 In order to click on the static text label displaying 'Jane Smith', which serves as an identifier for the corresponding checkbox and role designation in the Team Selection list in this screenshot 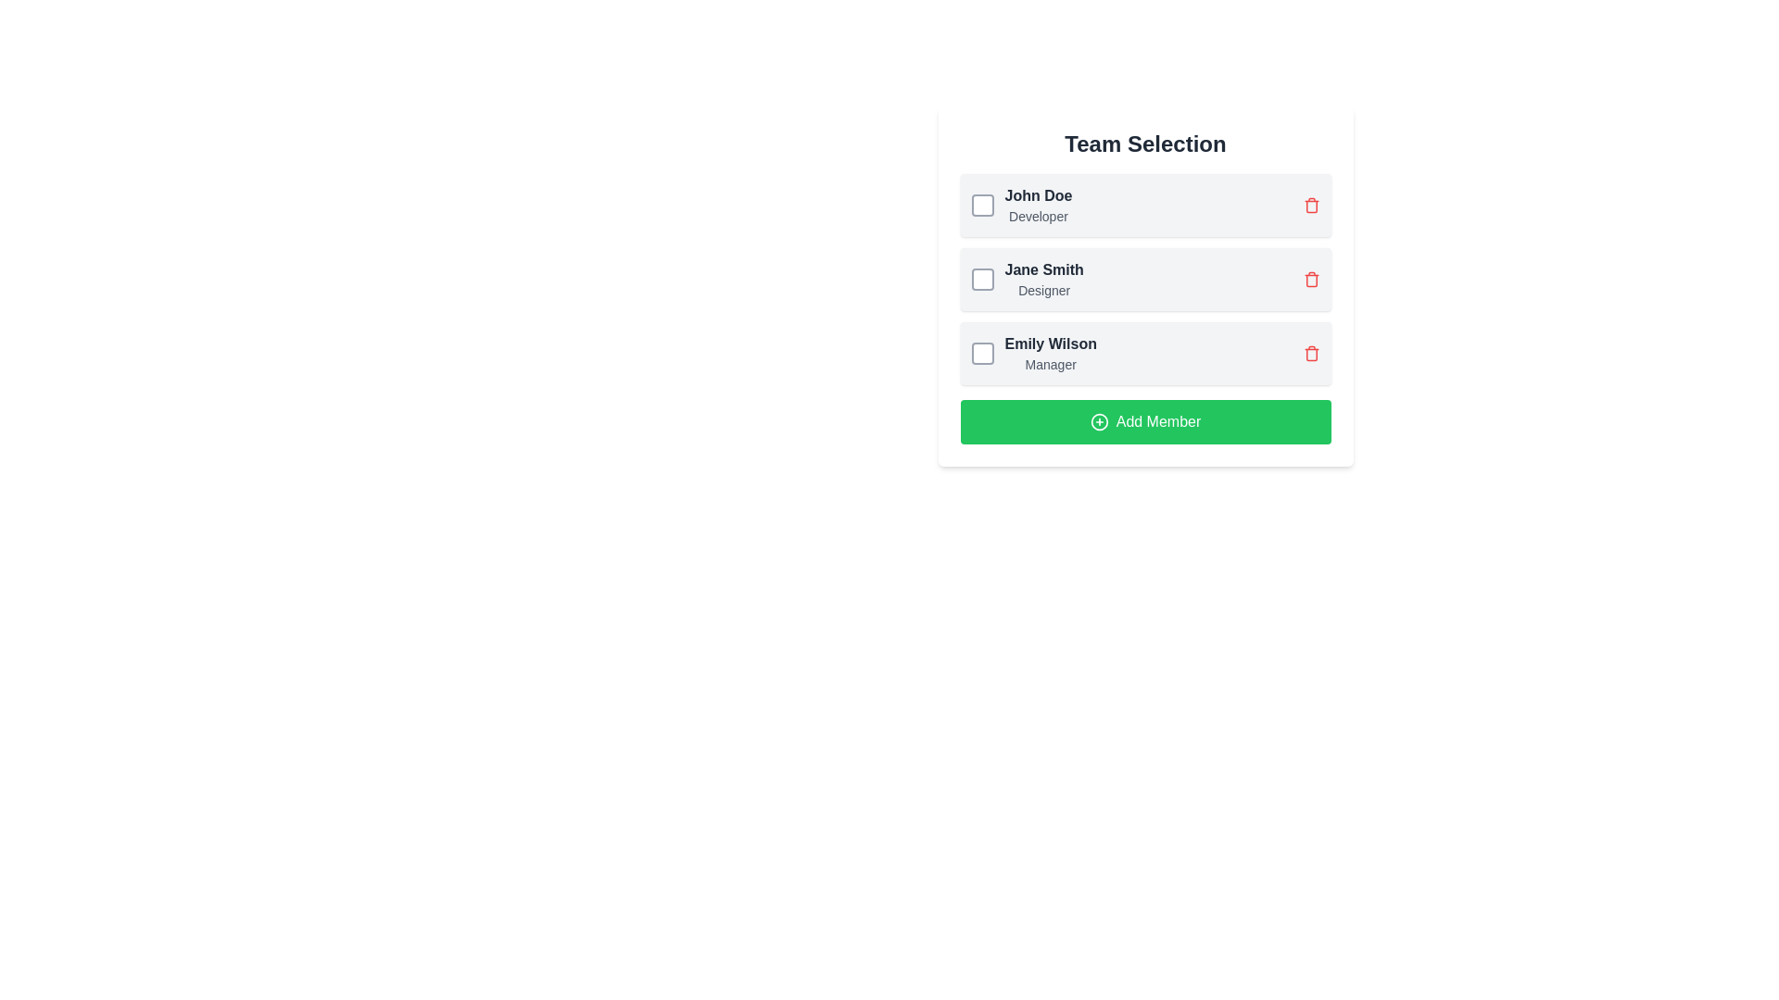, I will do `click(1044, 270)`.